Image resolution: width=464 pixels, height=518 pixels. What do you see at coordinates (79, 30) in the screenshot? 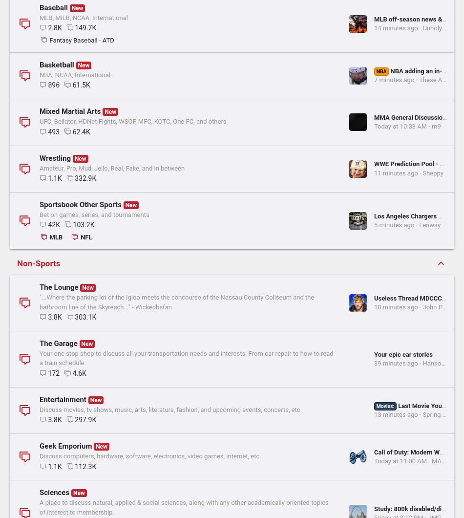
I see `'8.5K'` at bounding box center [79, 30].